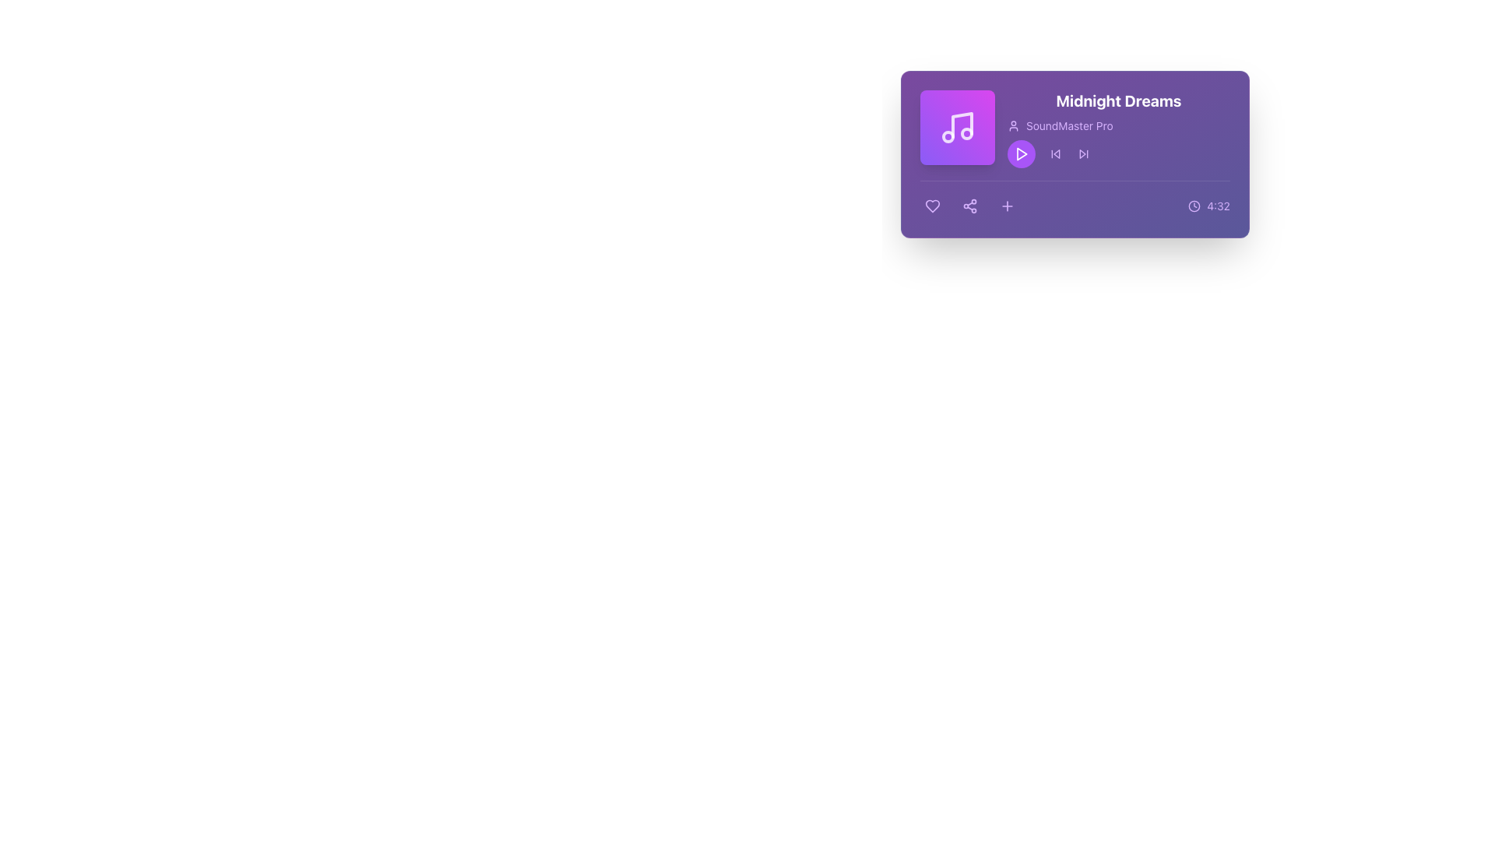  What do you see at coordinates (1194, 206) in the screenshot?
I see `the base circle representing the clock face within the clock icon of the music playback widget, located near the timestamp text '4:32'` at bounding box center [1194, 206].